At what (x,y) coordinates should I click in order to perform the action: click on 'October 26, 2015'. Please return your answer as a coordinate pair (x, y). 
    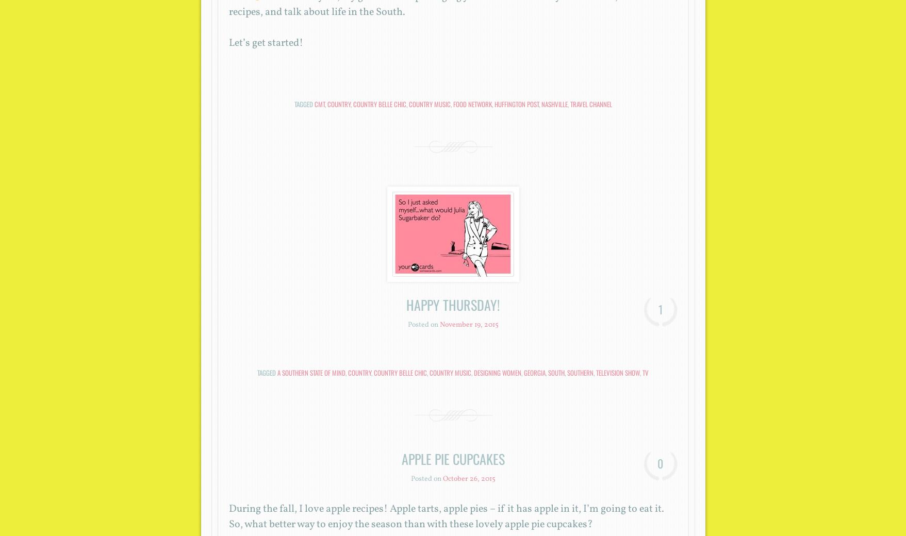
    Looking at the image, I should click on (468, 479).